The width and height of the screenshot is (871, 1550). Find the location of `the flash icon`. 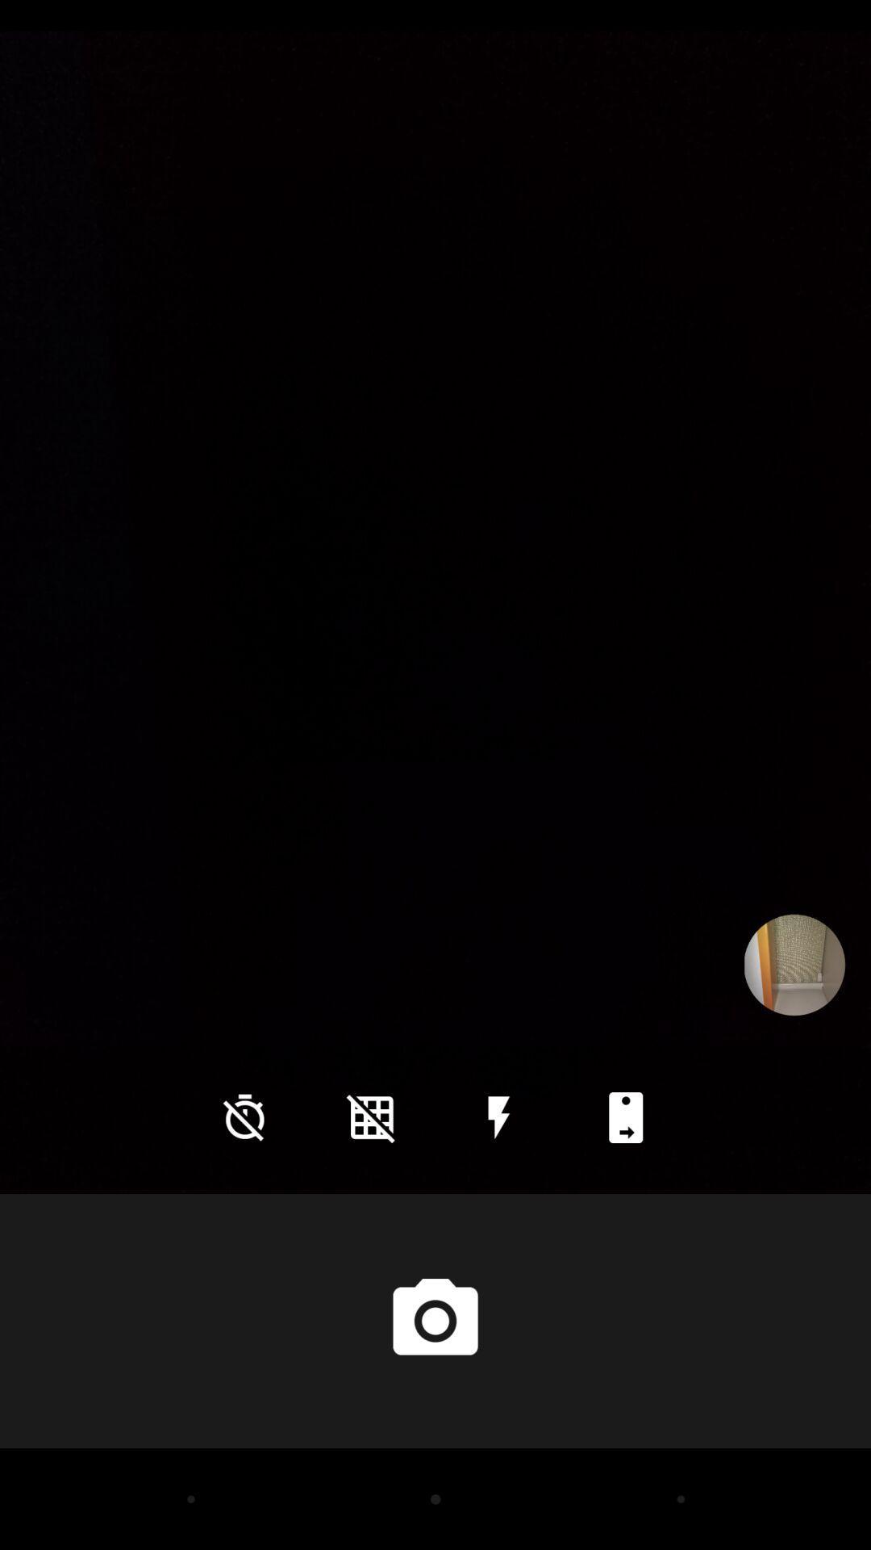

the flash icon is located at coordinates (498, 1116).